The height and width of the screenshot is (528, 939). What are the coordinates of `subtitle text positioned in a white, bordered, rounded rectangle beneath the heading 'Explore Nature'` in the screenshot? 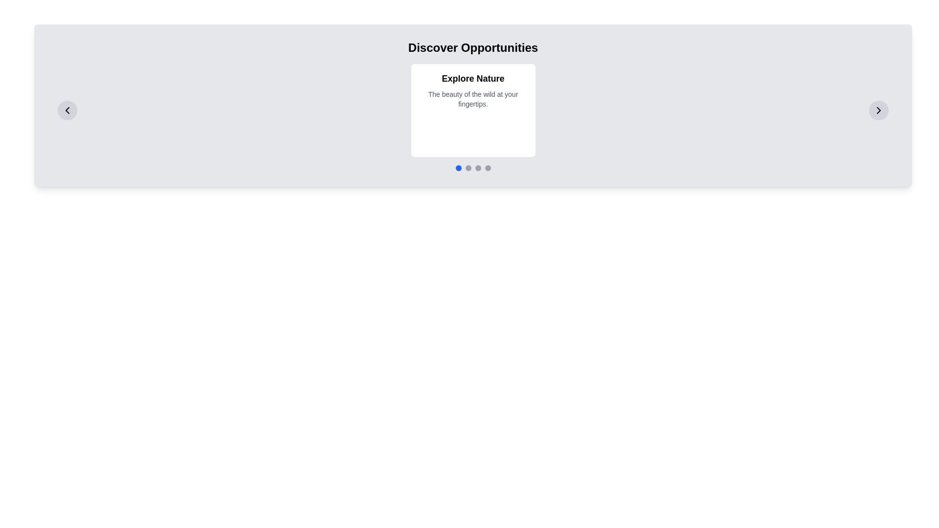 It's located at (473, 99).